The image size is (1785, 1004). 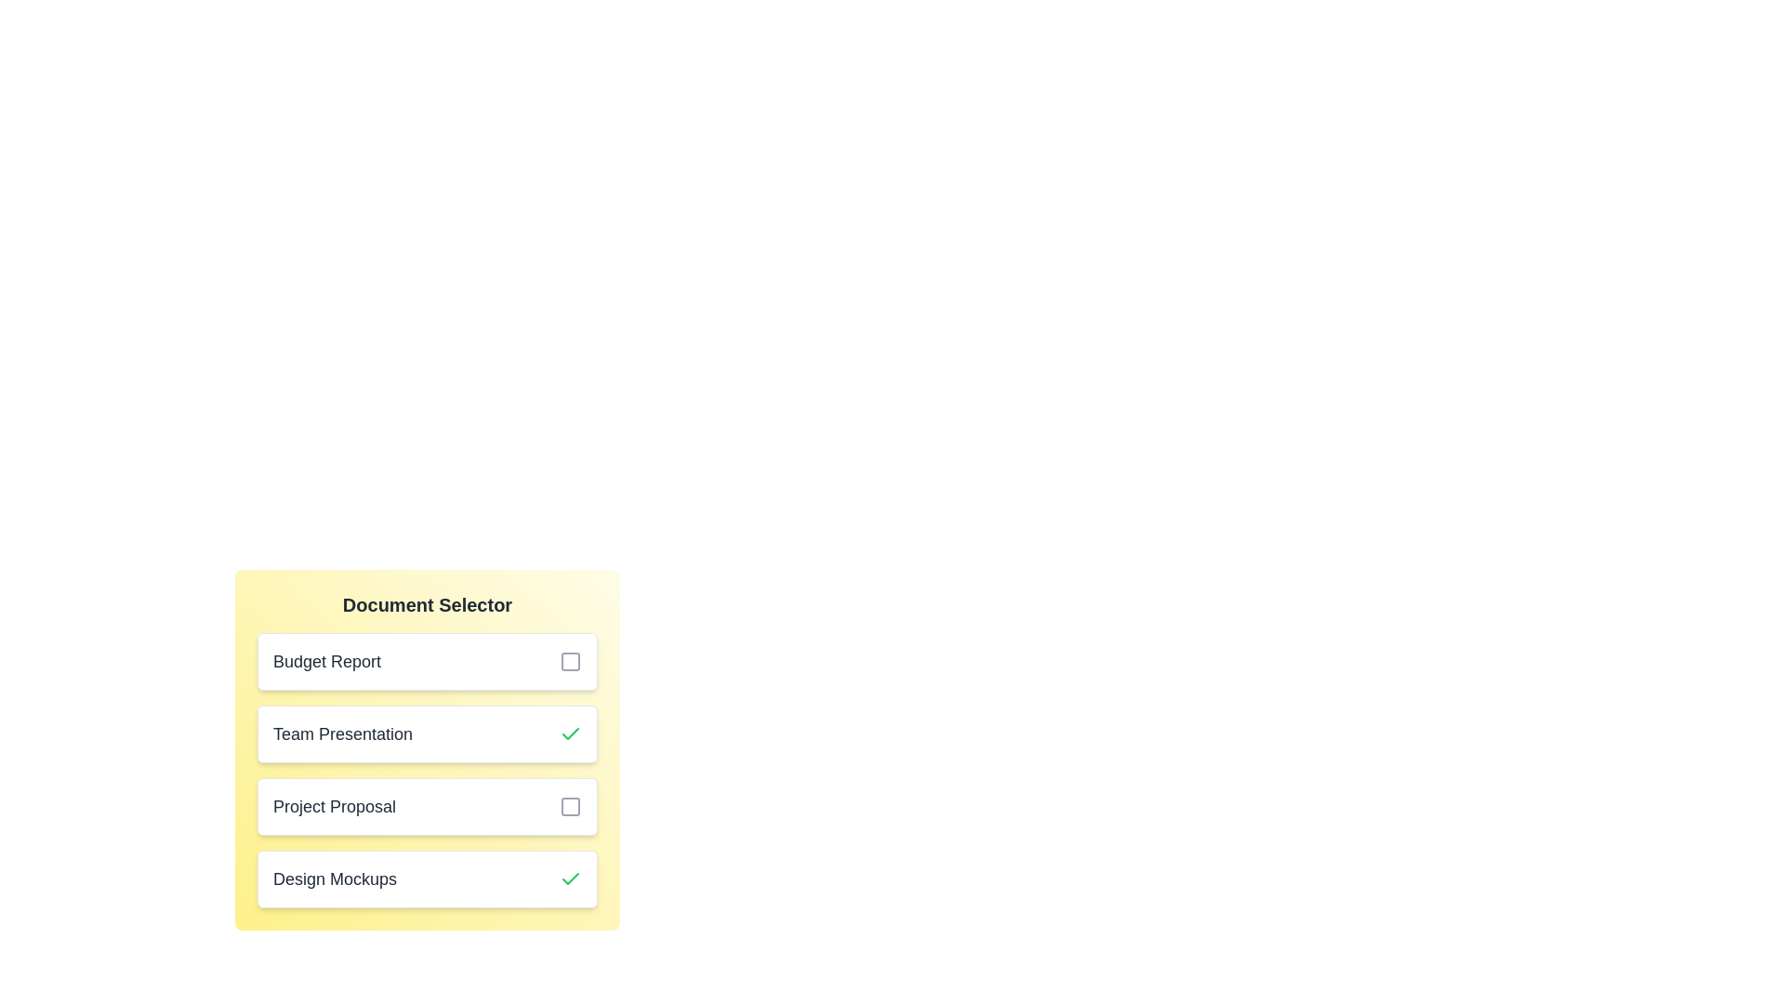 What do you see at coordinates (570, 805) in the screenshot?
I see `the document Project Proposal by clicking its checkbox` at bounding box center [570, 805].